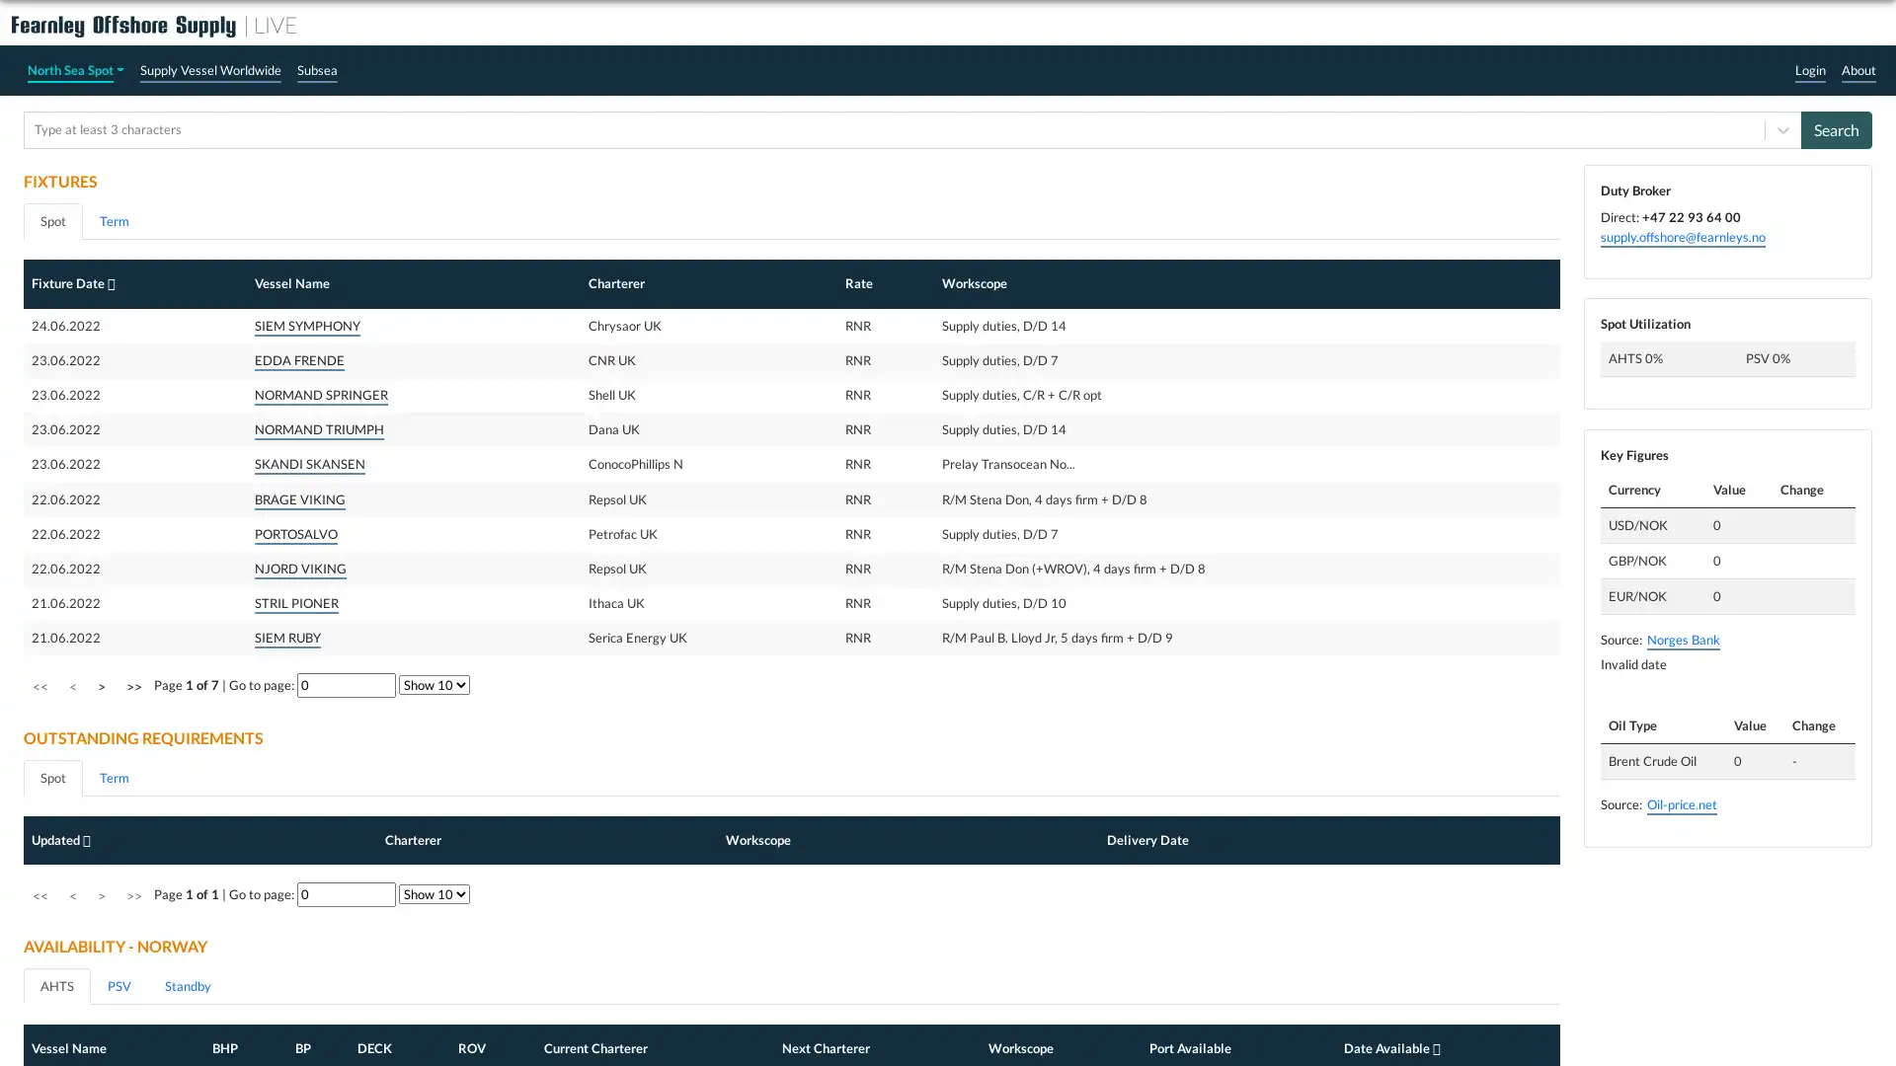 This screenshot has height=1066, width=1896. What do you see at coordinates (72, 999) in the screenshot?
I see `<` at bounding box center [72, 999].